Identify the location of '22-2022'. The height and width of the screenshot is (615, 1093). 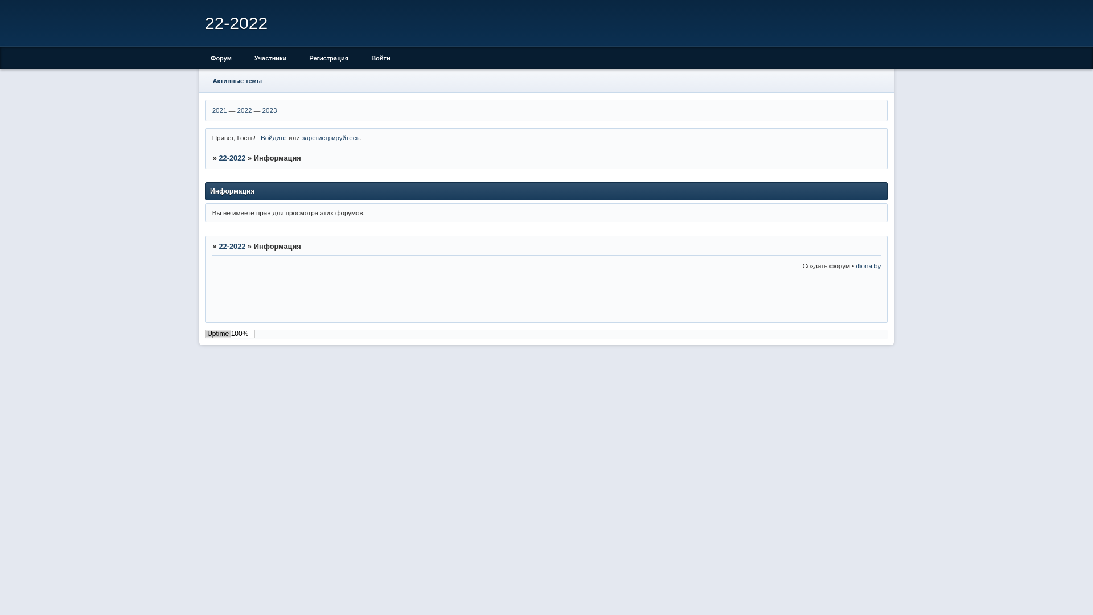
(231, 158).